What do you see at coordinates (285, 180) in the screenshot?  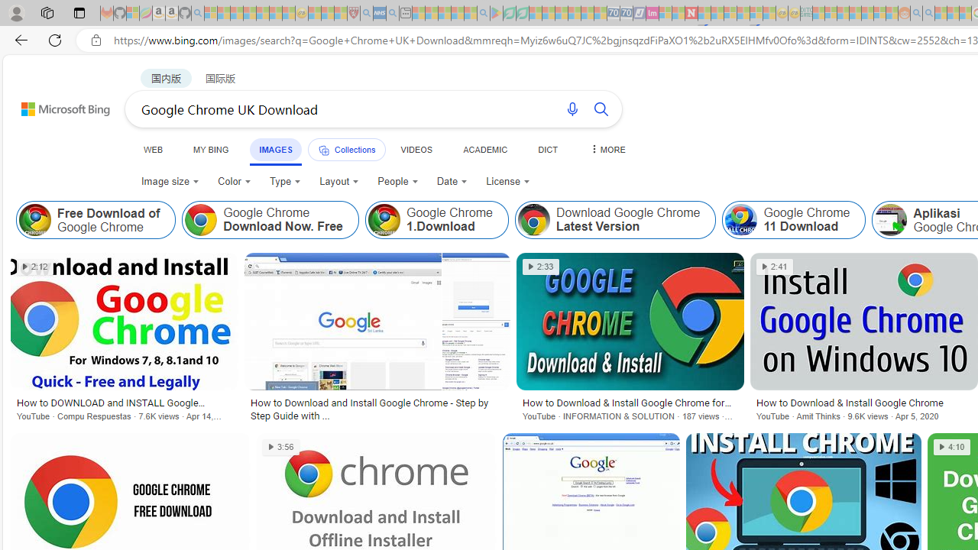 I see `'Type'` at bounding box center [285, 180].